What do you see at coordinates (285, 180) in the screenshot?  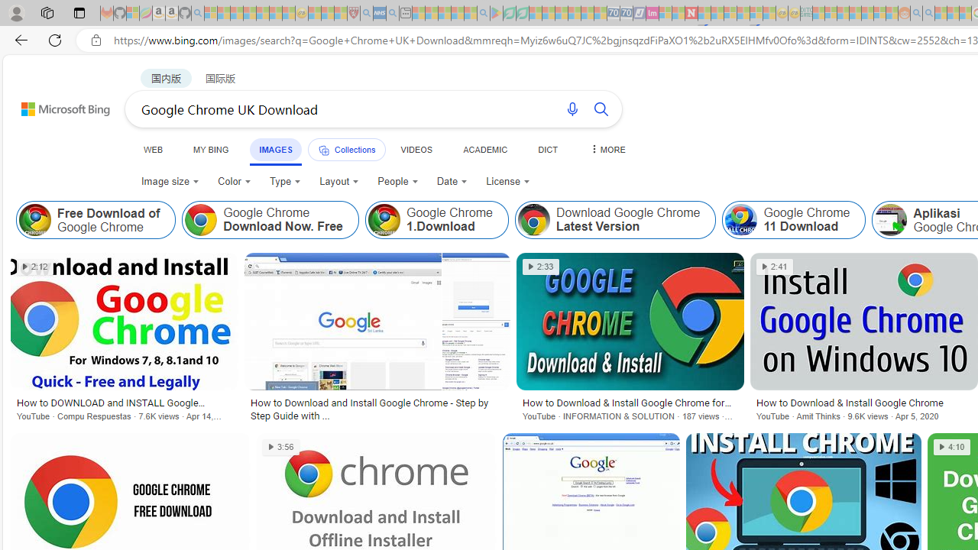 I see `'Type'` at bounding box center [285, 180].